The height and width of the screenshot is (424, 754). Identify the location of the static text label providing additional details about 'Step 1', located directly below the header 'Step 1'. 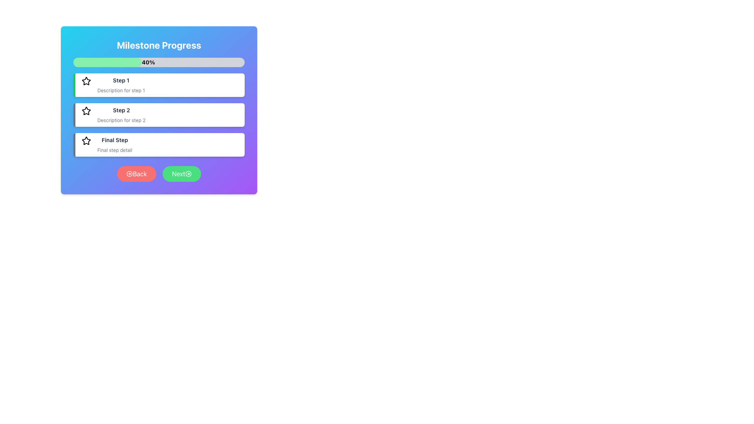
(121, 90).